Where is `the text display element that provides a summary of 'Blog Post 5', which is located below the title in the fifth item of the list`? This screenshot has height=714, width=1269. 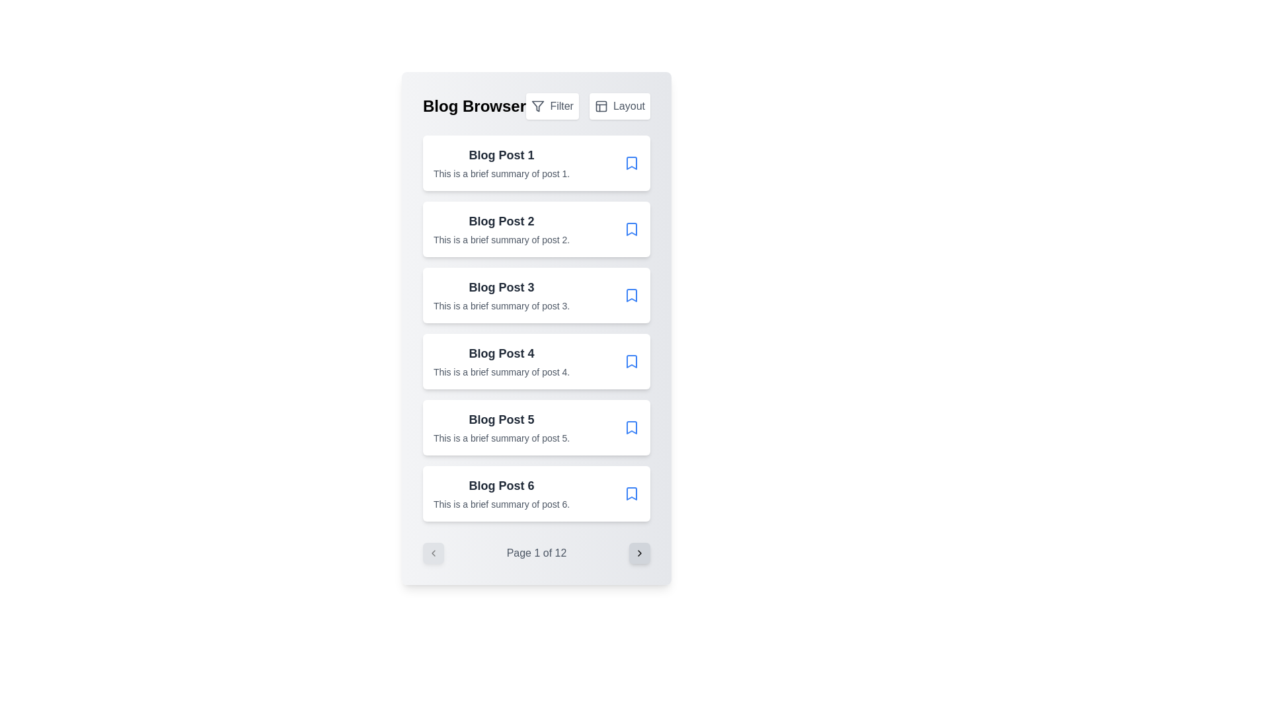 the text display element that provides a summary of 'Blog Post 5', which is located below the title in the fifth item of the list is located at coordinates (501, 438).